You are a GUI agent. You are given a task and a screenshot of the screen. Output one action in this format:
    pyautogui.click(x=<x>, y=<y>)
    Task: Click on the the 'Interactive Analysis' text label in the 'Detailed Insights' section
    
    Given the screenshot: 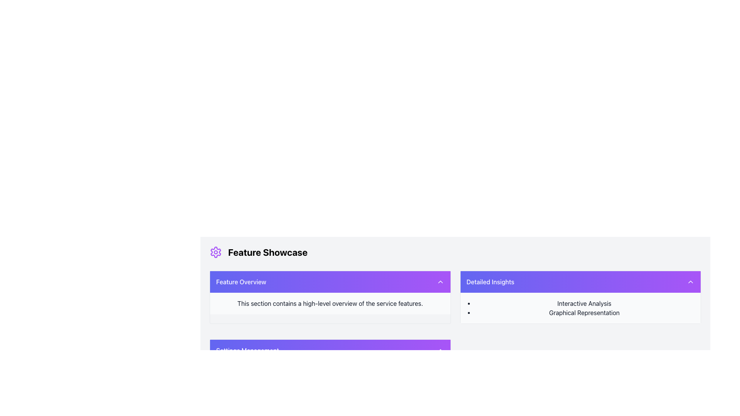 What is the action you would take?
    pyautogui.click(x=584, y=303)
    